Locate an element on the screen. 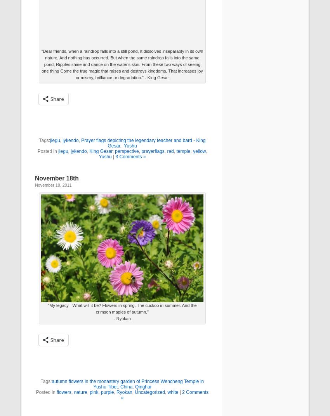  'November 18, 2011' is located at coordinates (53, 185).